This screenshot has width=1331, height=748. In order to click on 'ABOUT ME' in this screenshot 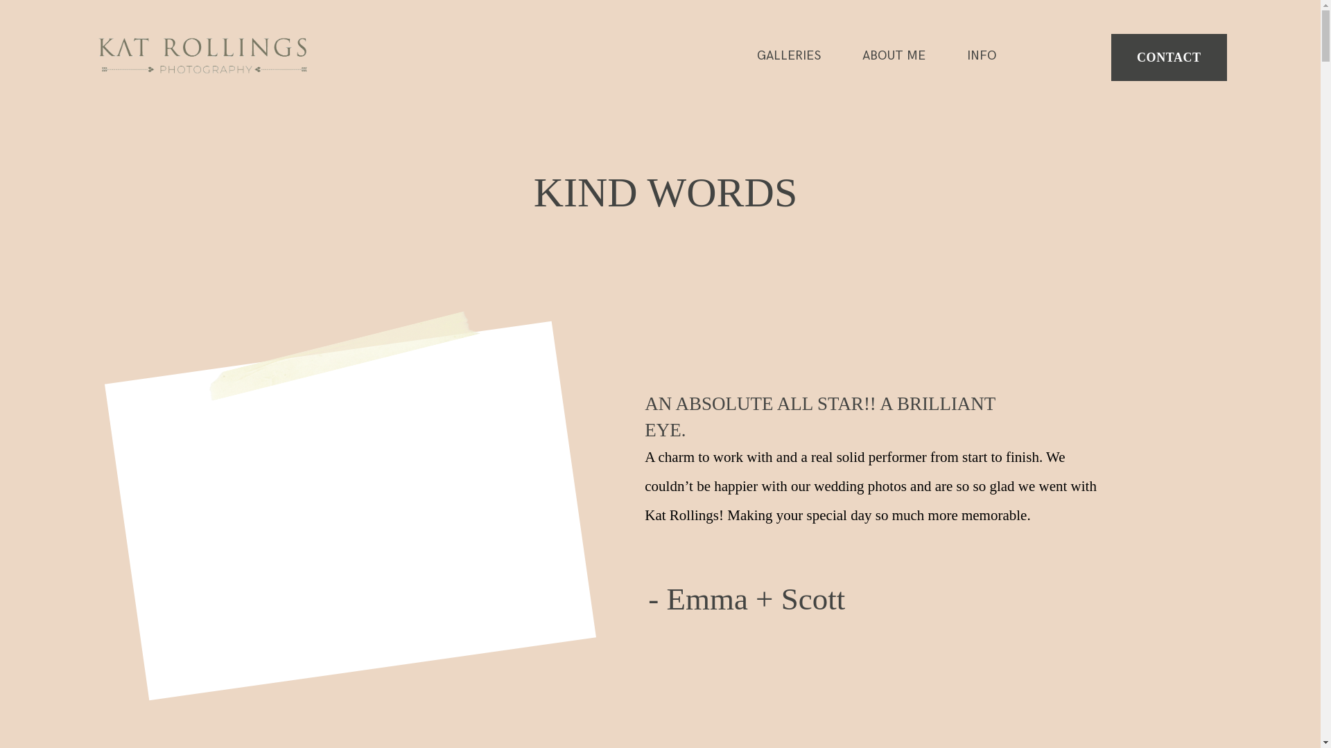, I will do `click(861, 55)`.